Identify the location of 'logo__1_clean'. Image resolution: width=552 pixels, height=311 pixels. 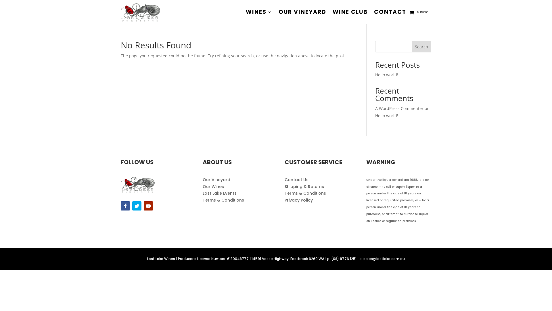
(137, 184).